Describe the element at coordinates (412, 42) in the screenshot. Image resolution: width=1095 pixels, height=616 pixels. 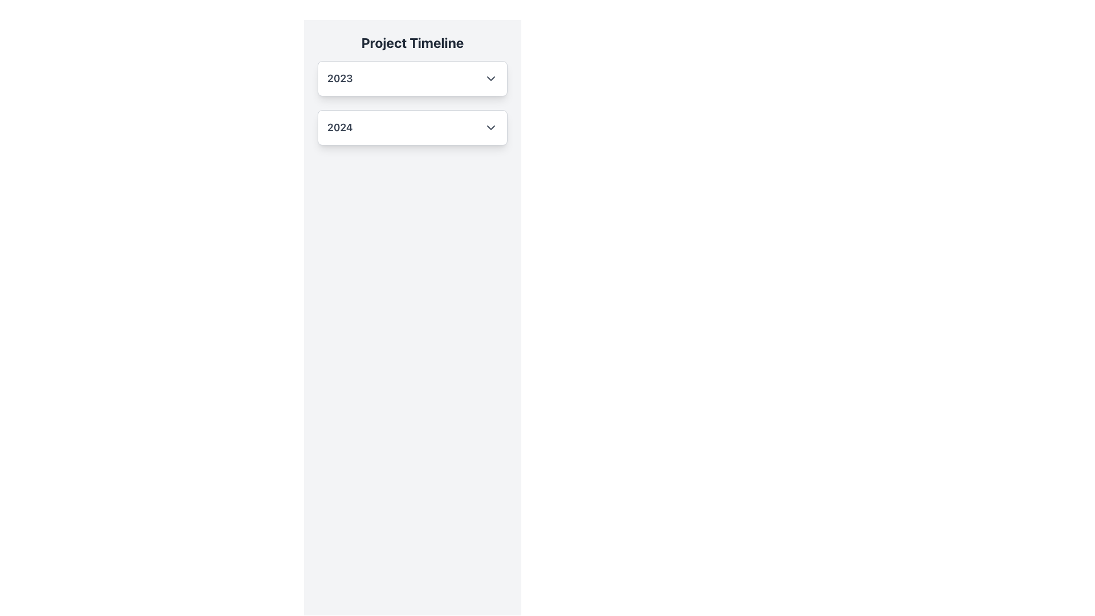
I see `the header text label that indicates the section's purpose related to timelines for different years, positioned centrally above the dropdowns for '2023' and '2024'` at that location.